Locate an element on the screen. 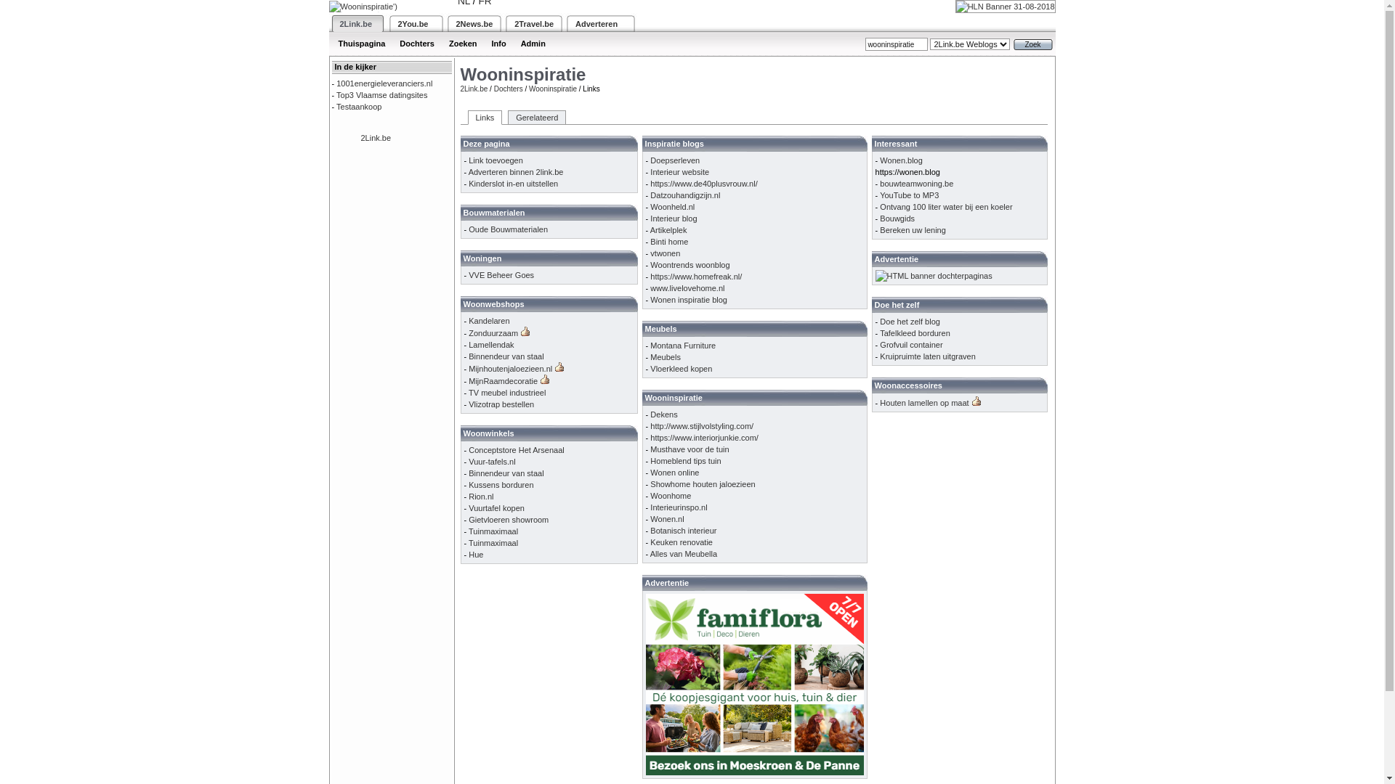 The width and height of the screenshot is (1395, 784). 'Woonheld.nl' is located at coordinates (671, 207).